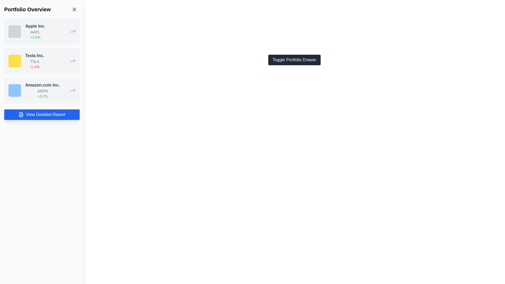 This screenshot has width=505, height=284. What do you see at coordinates (34, 60) in the screenshot?
I see `the Text-based informational group displaying the company 'Tesla Inc.' with stock symbol 'TSLA' and percentage change of -1.4%, located in the left sidebar under 'Portfolio Overview'` at bounding box center [34, 60].